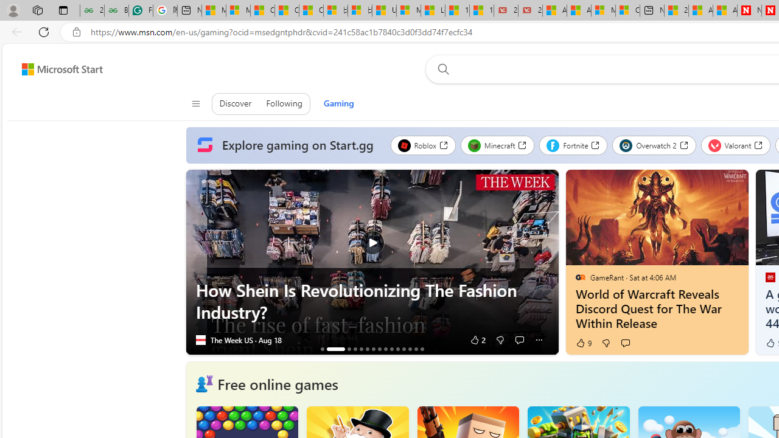 The height and width of the screenshot is (438, 779). Describe the element at coordinates (654, 145) in the screenshot. I see `'Overwatch 2'` at that location.